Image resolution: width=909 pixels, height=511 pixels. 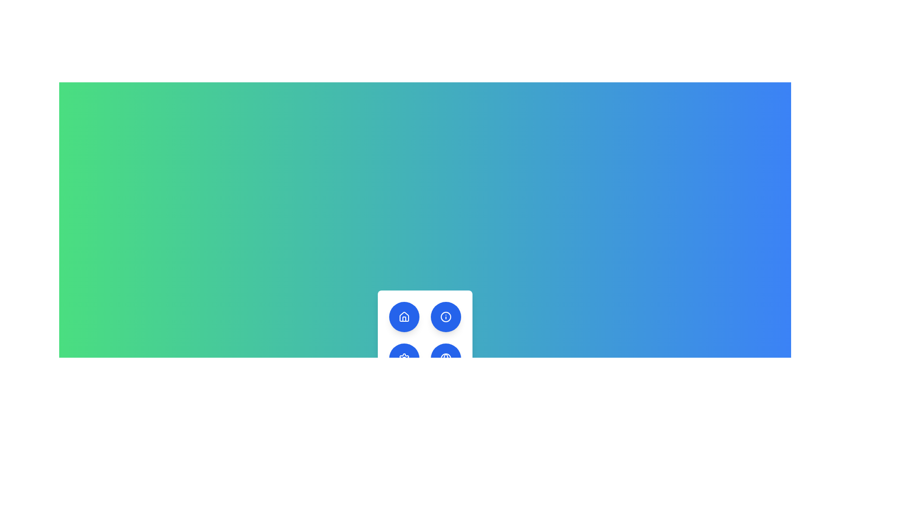 What do you see at coordinates (445, 359) in the screenshot?
I see `the circular globe icon with a blue background located in the bottom row and central column of the grid` at bounding box center [445, 359].